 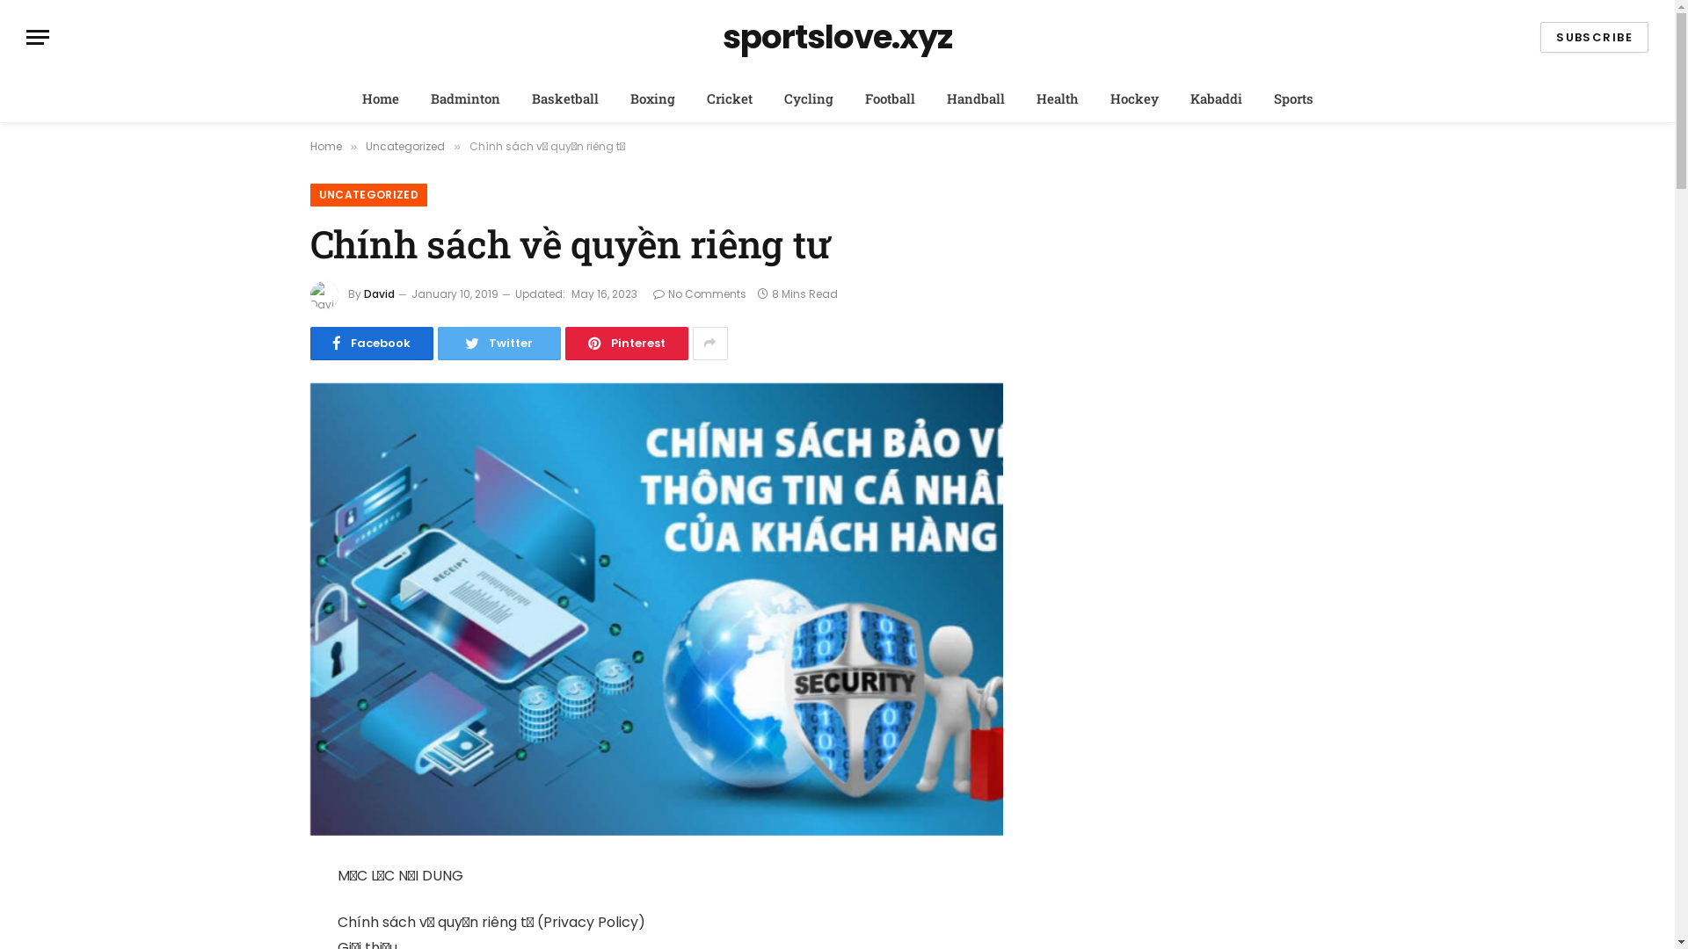 I want to click on 'No Comments', so click(x=651, y=293).